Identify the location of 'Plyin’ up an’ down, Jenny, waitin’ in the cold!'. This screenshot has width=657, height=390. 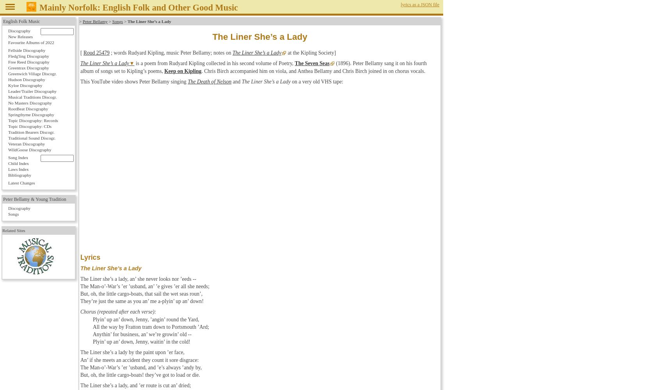
(141, 342).